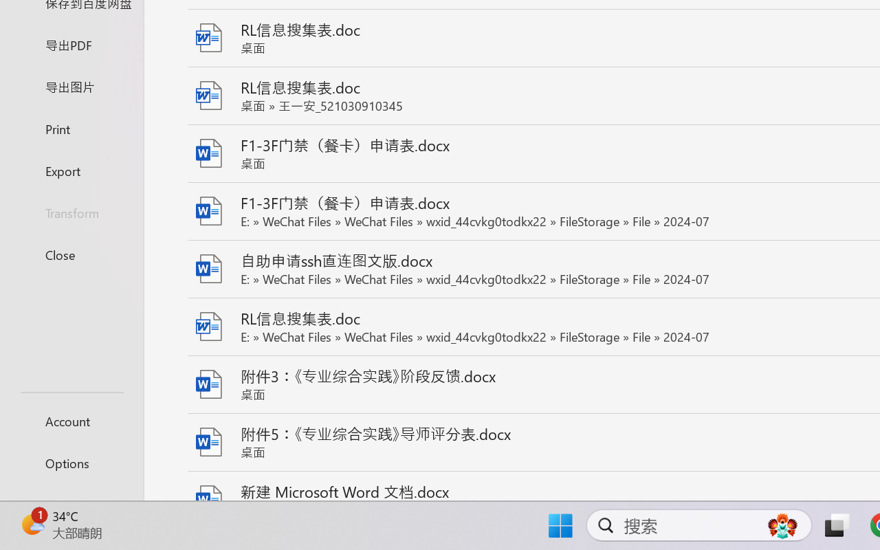 This screenshot has width=880, height=550. Describe the element at coordinates (782, 525) in the screenshot. I see `'AutomationID: DynamicSearchBoxGleamImage'` at that location.